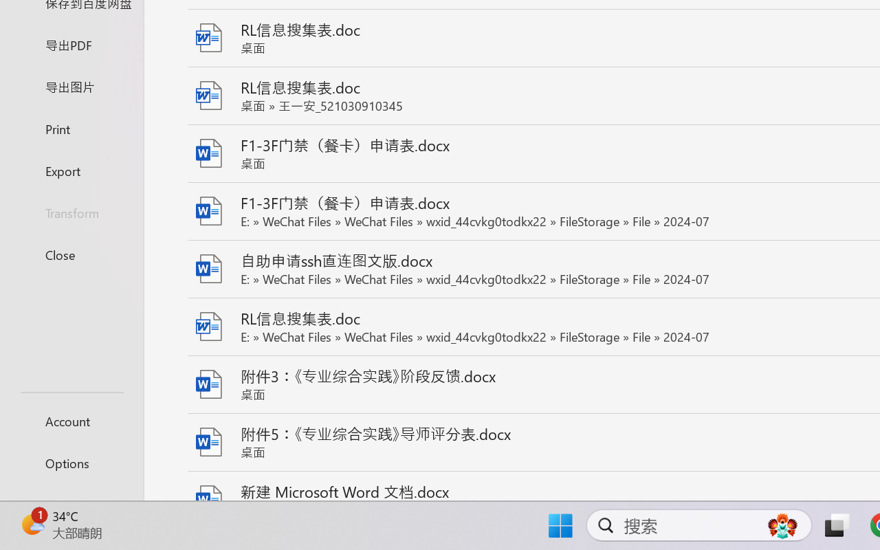 This screenshot has width=880, height=550. Describe the element at coordinates (782, 525) in the screenshot. I see `'AutomationID: DynamicSearchBoxGleamImage'` at that location.